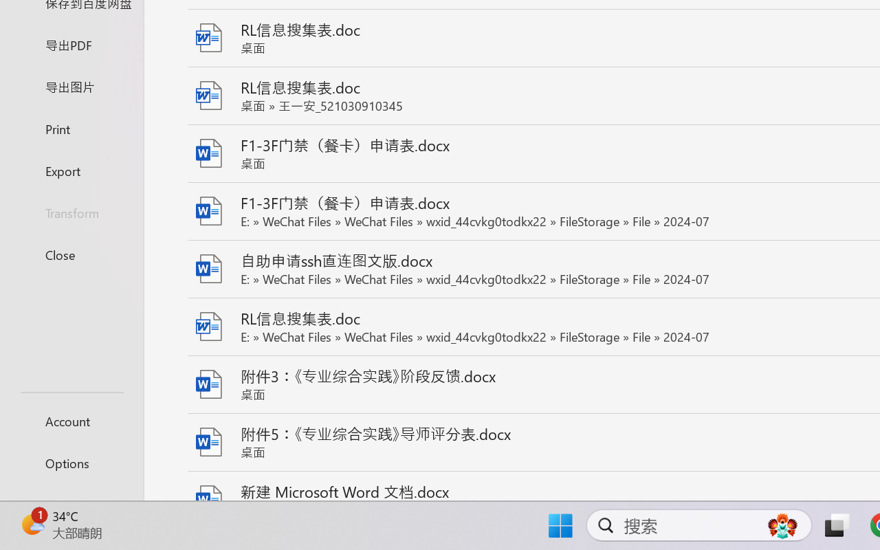 This screenshot has width=880, height=550. Describe the element at coordinates (782, 525) in the screenshot. I see `'AutomationID: DynamicSearchBoxGleamImage'` at that location.